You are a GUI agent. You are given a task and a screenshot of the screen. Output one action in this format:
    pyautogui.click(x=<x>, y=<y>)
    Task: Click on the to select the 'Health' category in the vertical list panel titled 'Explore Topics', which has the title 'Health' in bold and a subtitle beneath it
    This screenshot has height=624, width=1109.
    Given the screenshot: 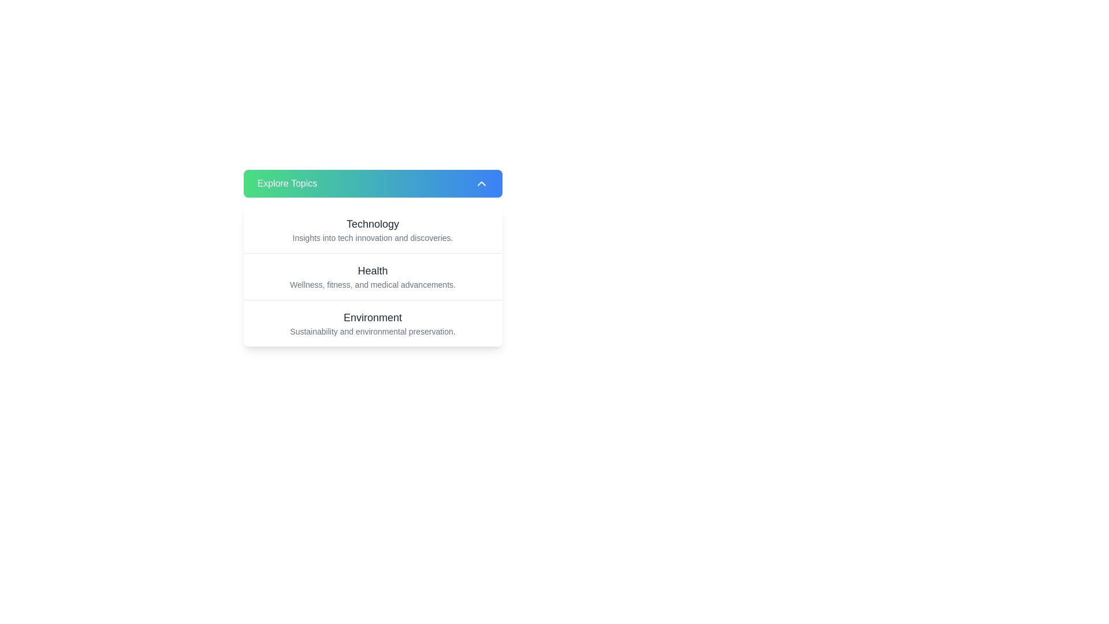 What is the action you would take?
    pyautogui.click(x=373, y=258)
    